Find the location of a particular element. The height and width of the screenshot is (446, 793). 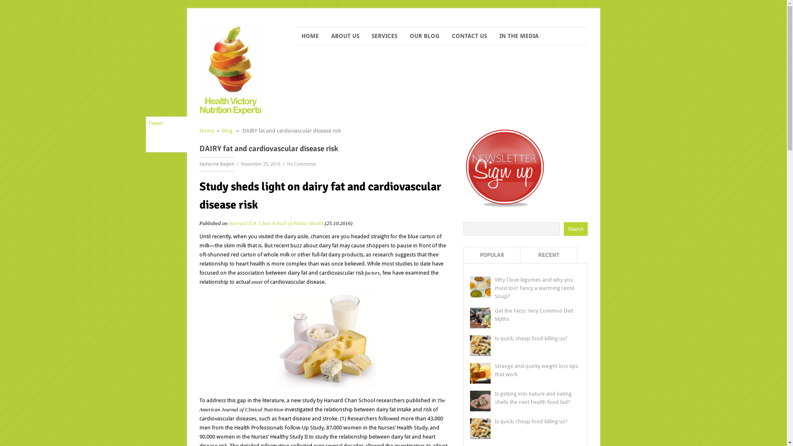

'OUR BLOG' is located at coordinates (424, 36).